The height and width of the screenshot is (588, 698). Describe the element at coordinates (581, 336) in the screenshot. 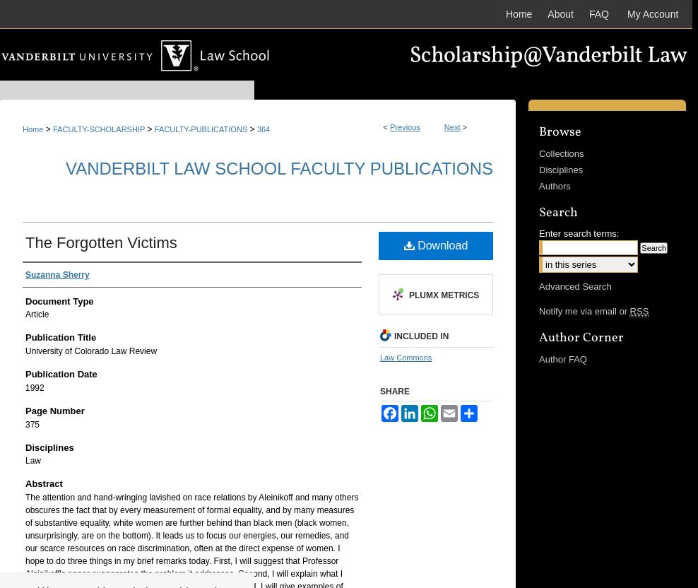

I see `'Author Corner'` at that location.